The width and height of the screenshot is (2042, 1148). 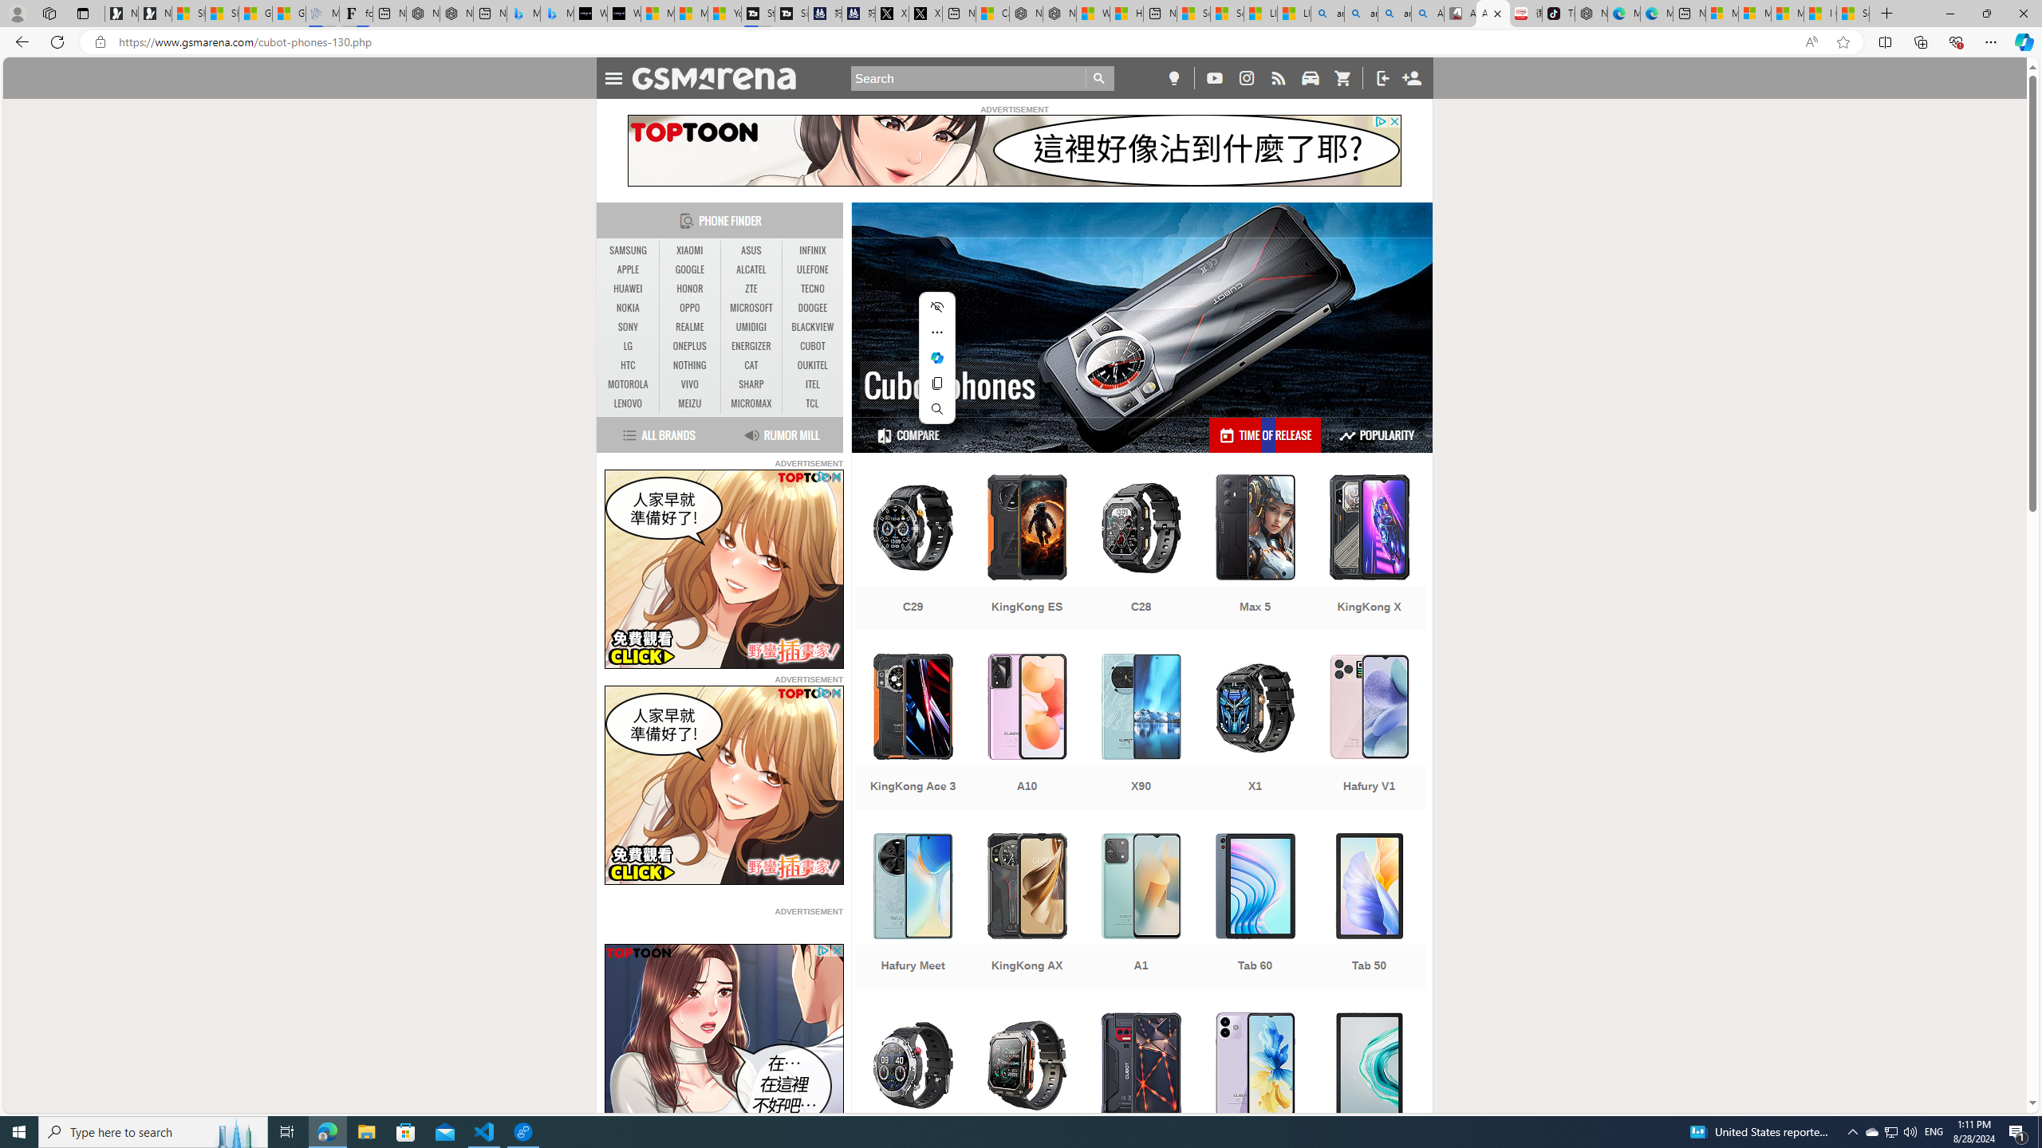 I want to click on 'Huge shark washes ashore at New York City beach | Watch', so click(x=1125, y=13).